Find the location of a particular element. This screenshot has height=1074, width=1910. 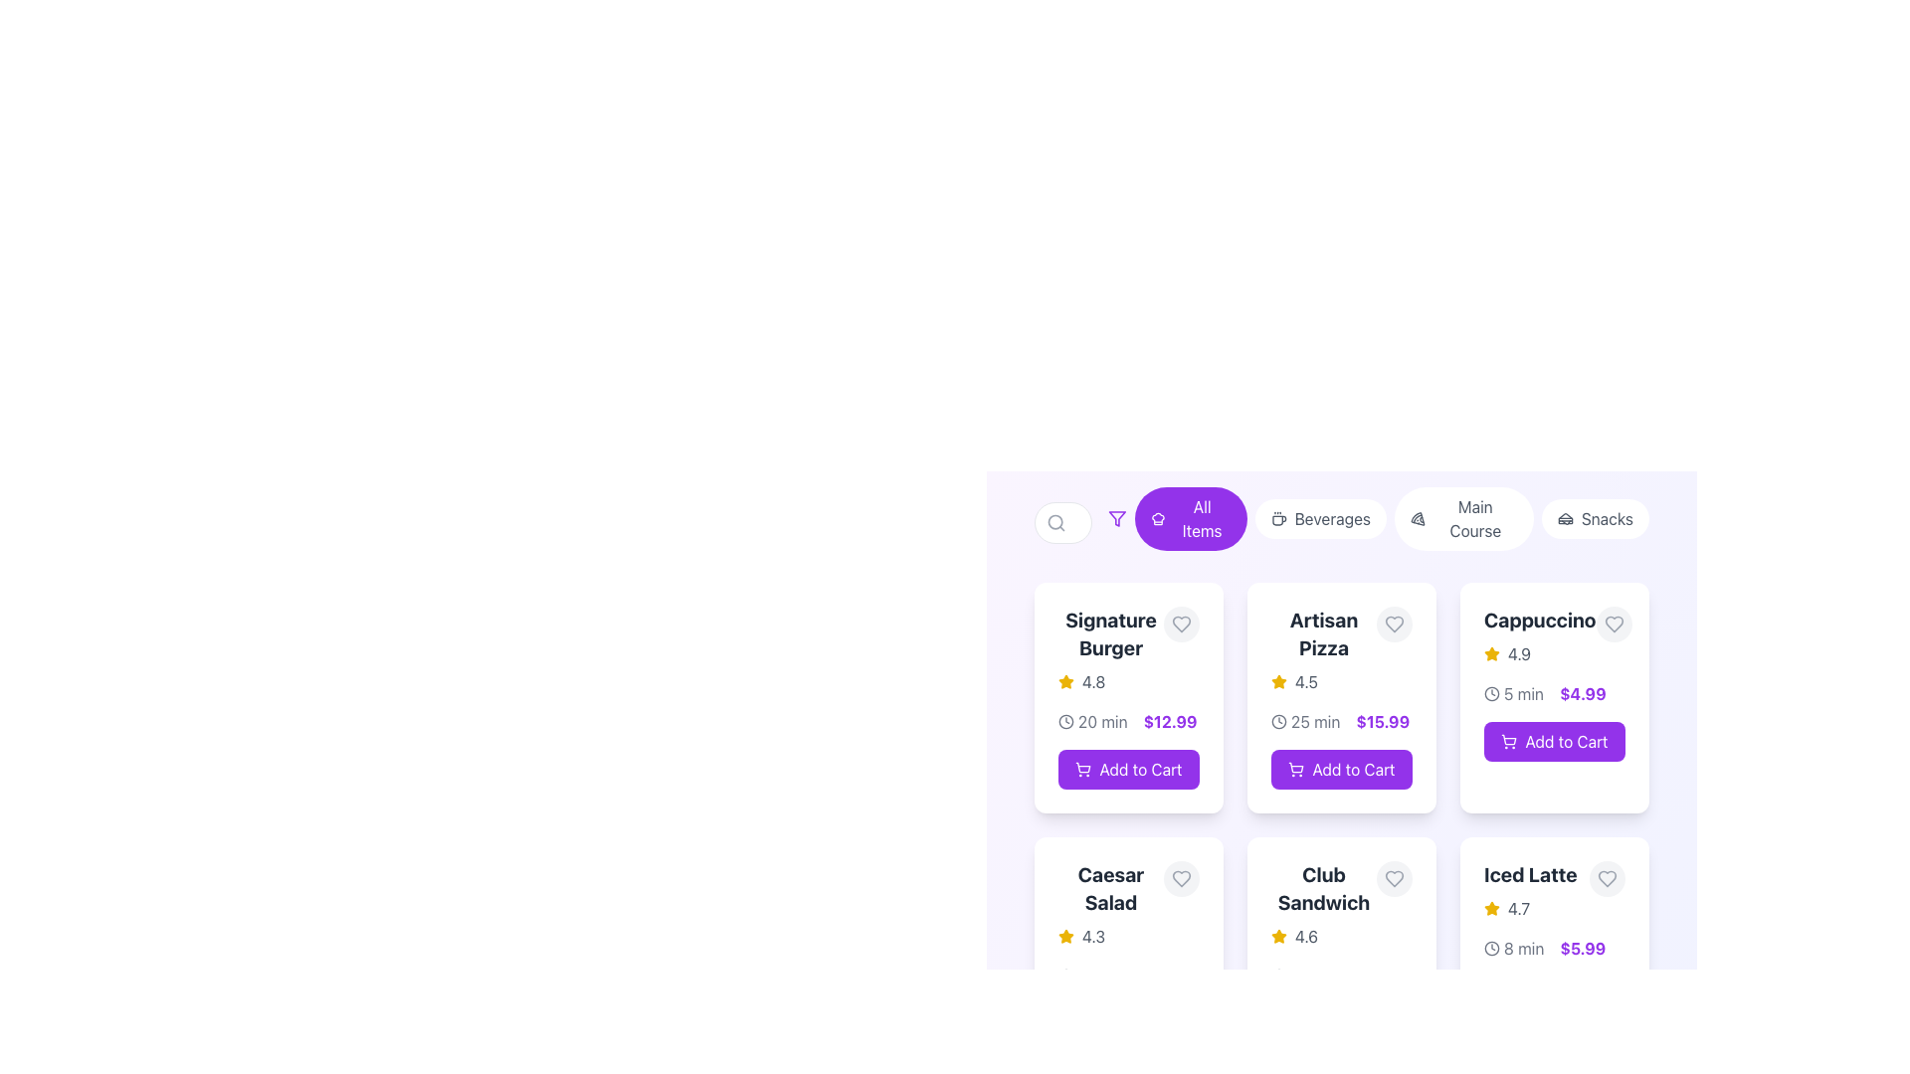

the 'Club Sandwich' text element that displays the name and rating of '4.6', positioned at the top center of its card in the second row of the grid is located at coordinates (1341, 905).